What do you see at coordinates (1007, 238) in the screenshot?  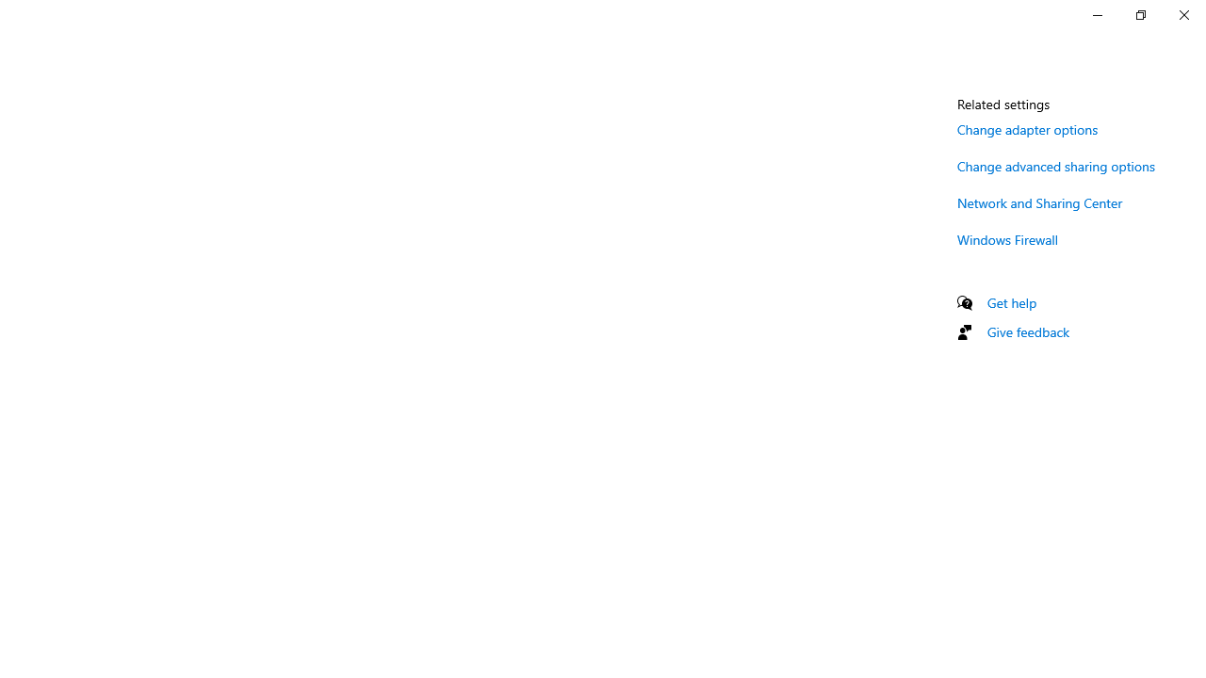 I see `'Windows Firewall'` at bounding box center [1007, 238].